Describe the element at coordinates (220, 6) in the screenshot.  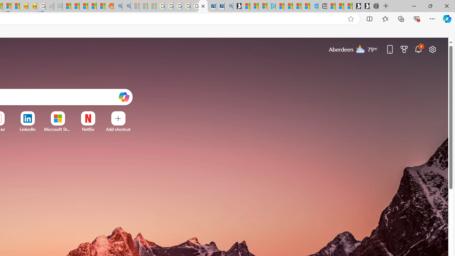
I see `'Cheap Car Rentals - Save70.com'` at that location.